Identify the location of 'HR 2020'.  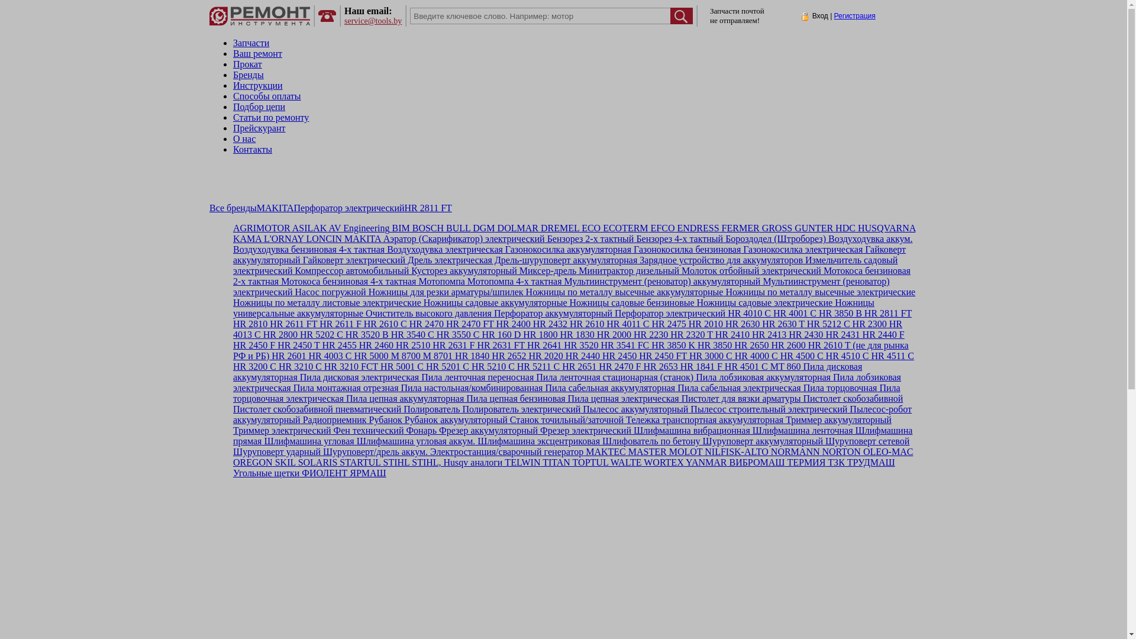
(544, 355).